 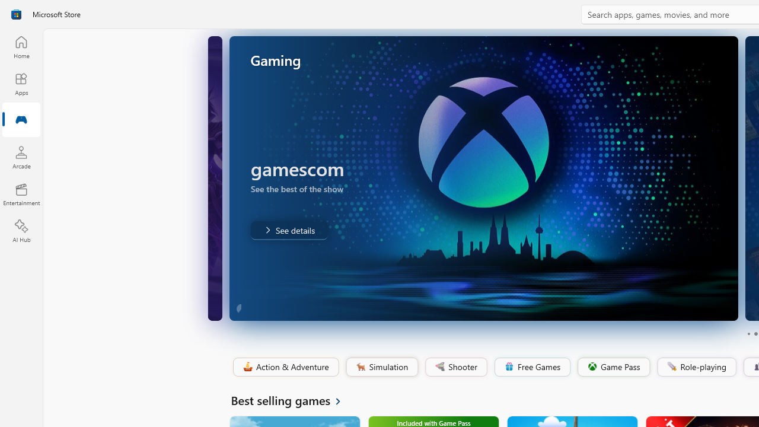 I want to click on 'Page 2', so click(x=755, y=334).